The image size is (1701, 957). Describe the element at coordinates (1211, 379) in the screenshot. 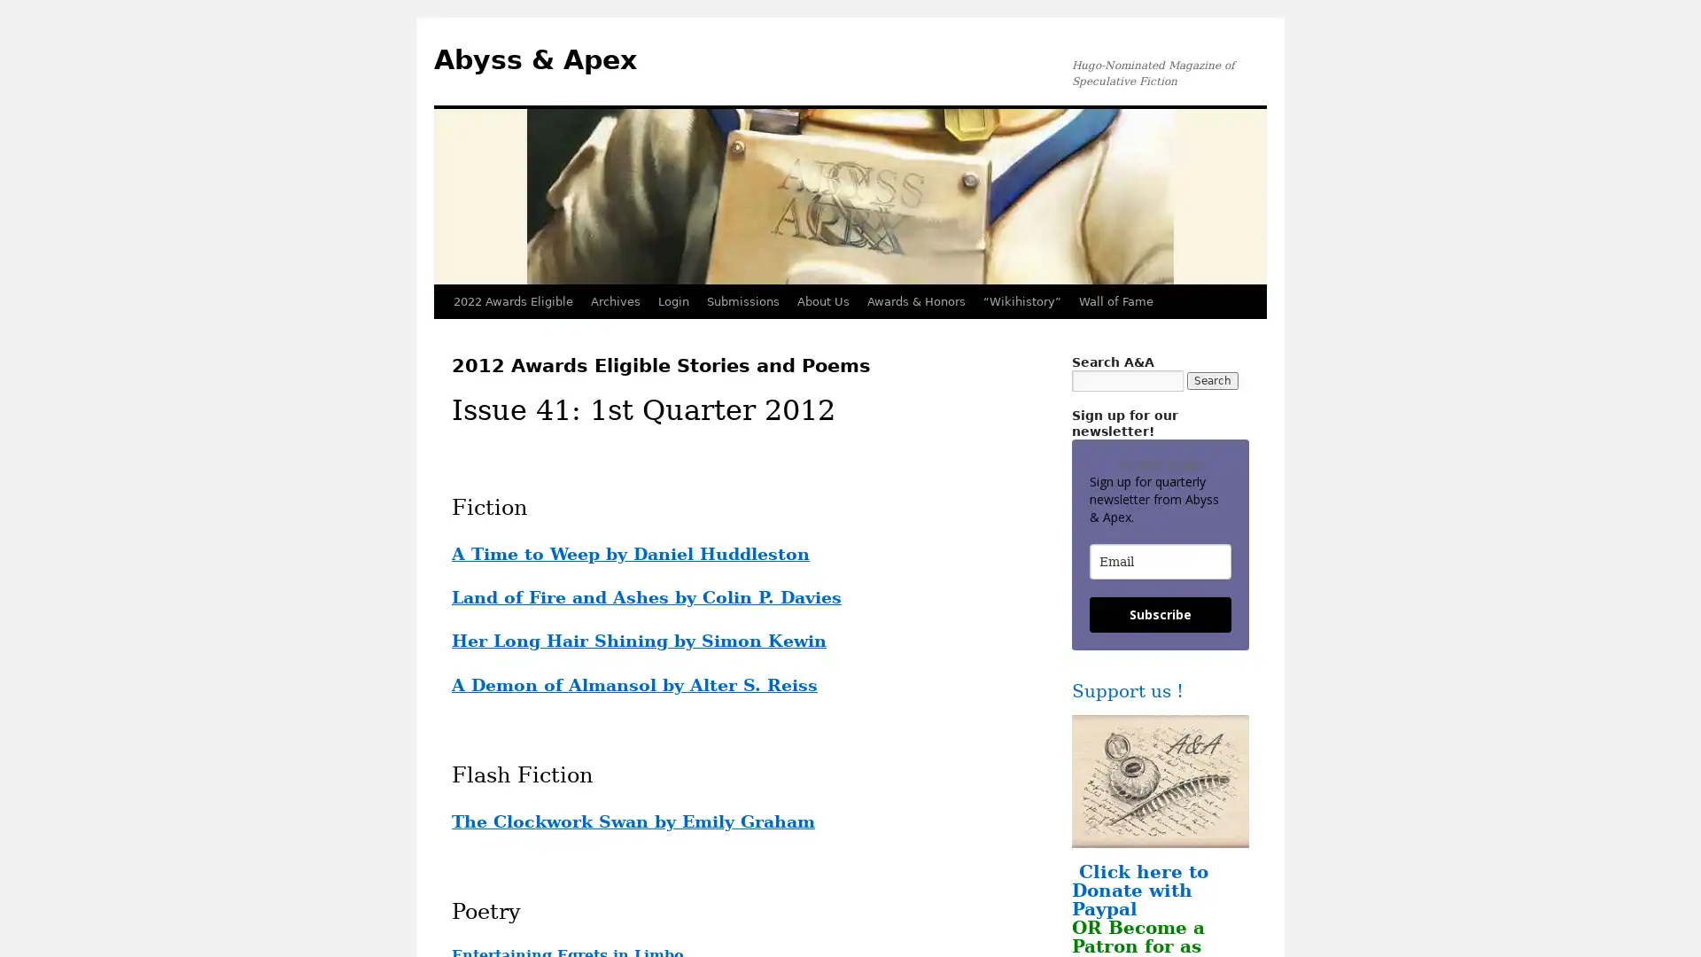

I see `Search` at that location.